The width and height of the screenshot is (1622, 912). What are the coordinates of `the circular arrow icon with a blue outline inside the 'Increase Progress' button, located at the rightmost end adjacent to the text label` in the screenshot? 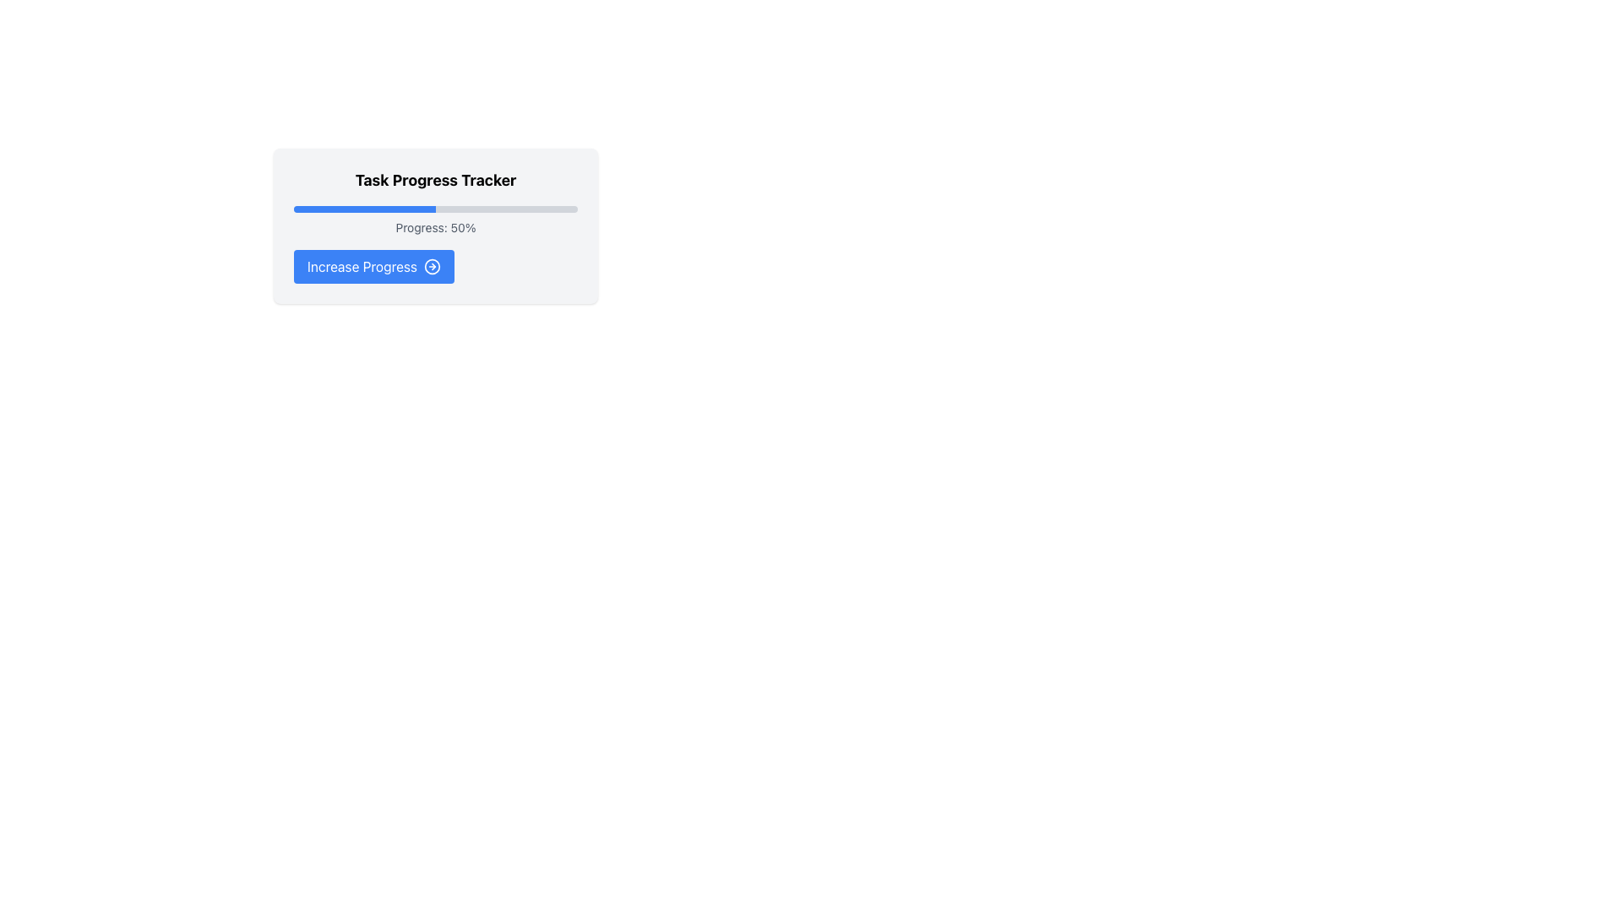 It's located at (432, 266).